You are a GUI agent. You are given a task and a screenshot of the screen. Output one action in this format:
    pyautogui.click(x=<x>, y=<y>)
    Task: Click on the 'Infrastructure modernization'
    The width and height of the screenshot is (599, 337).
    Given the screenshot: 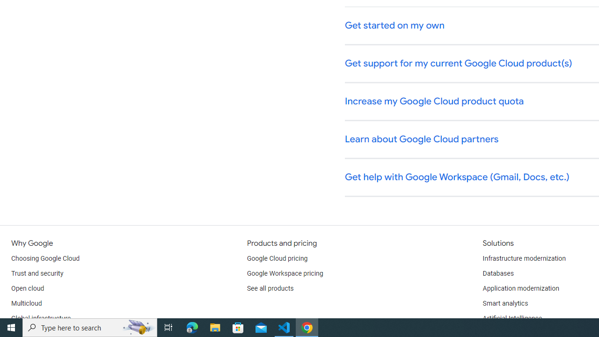 What is the action you would take?
    pyautogui.click(x=524, y=258)
    